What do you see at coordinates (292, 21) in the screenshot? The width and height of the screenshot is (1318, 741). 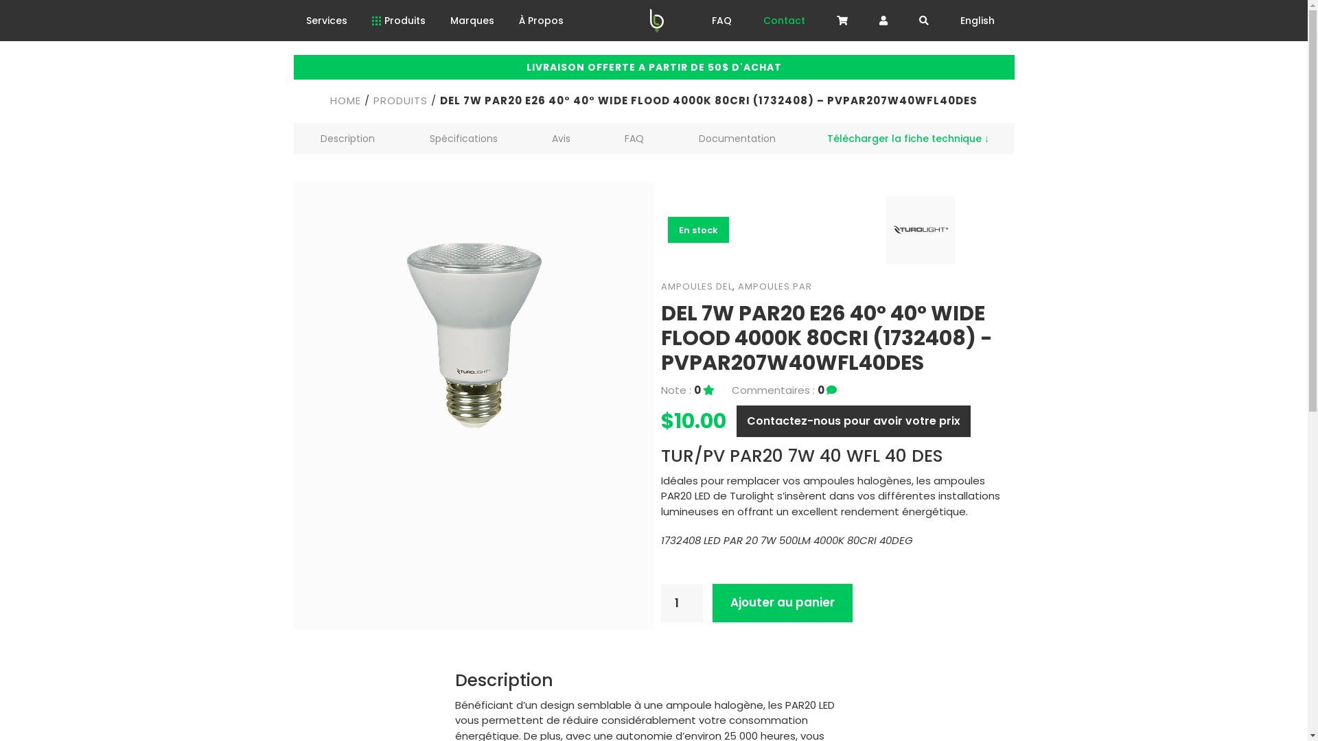 I see `'Services'` at bounding box center [292, 21].